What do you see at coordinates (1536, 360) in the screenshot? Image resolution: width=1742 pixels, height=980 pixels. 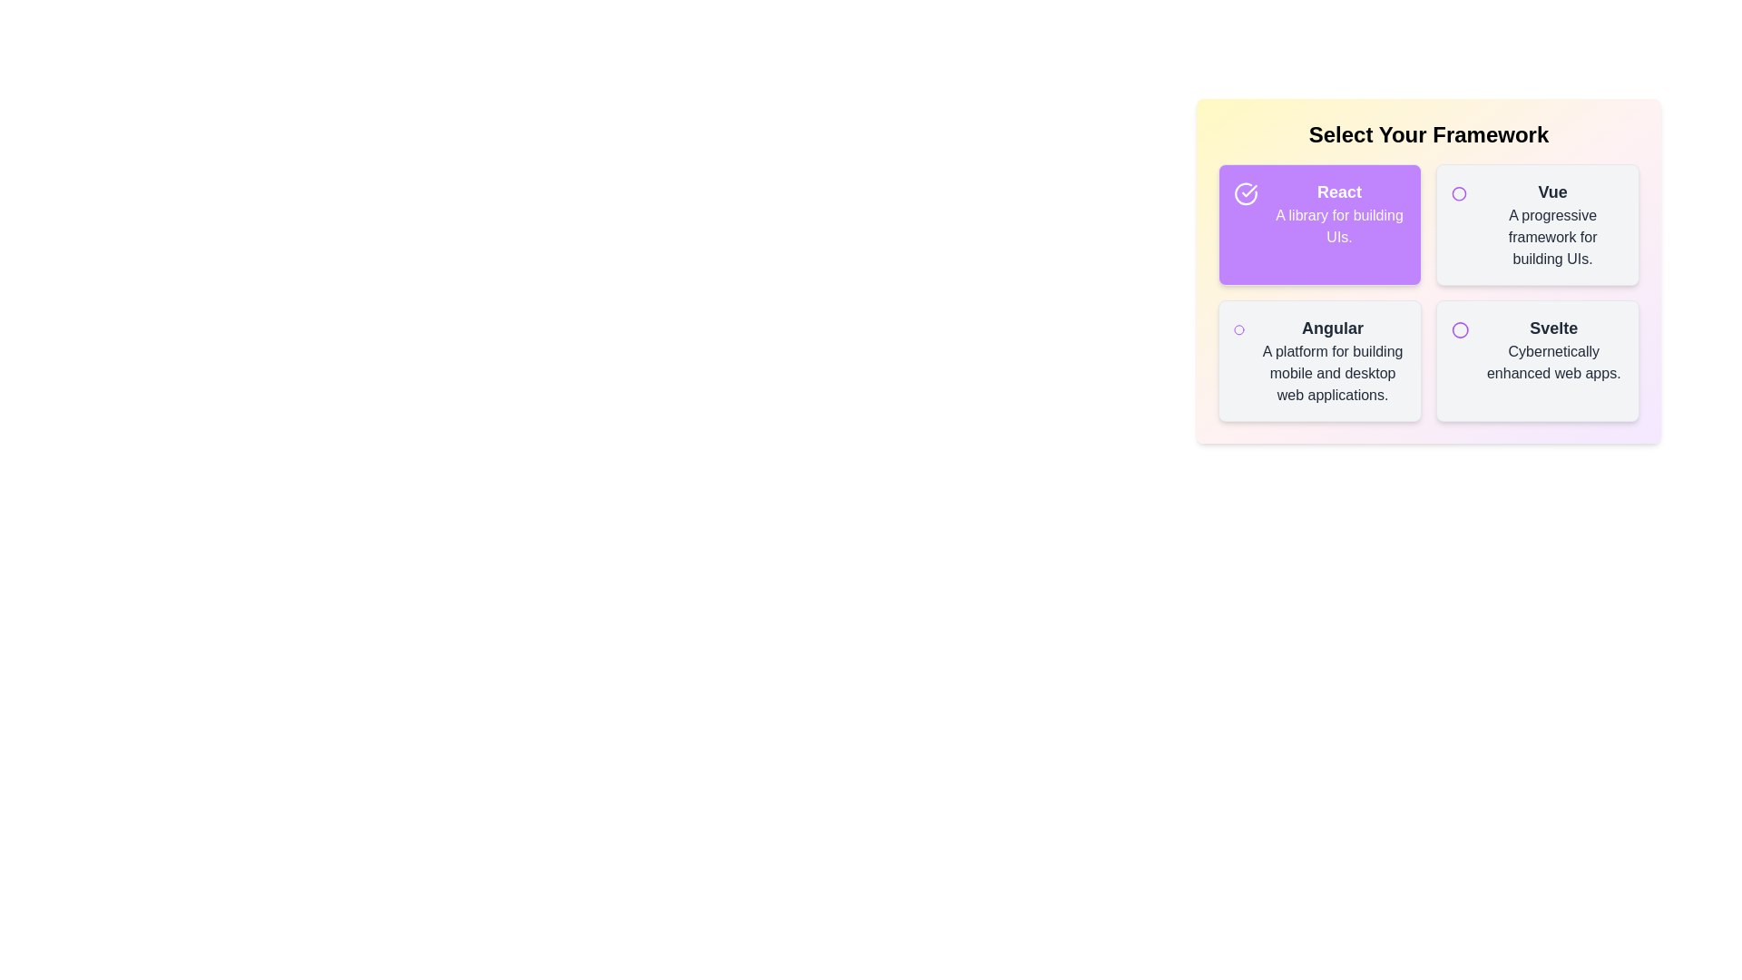 I see `the item labeled Svelte to toggle its selection state` at bounding box center [1536, 360].